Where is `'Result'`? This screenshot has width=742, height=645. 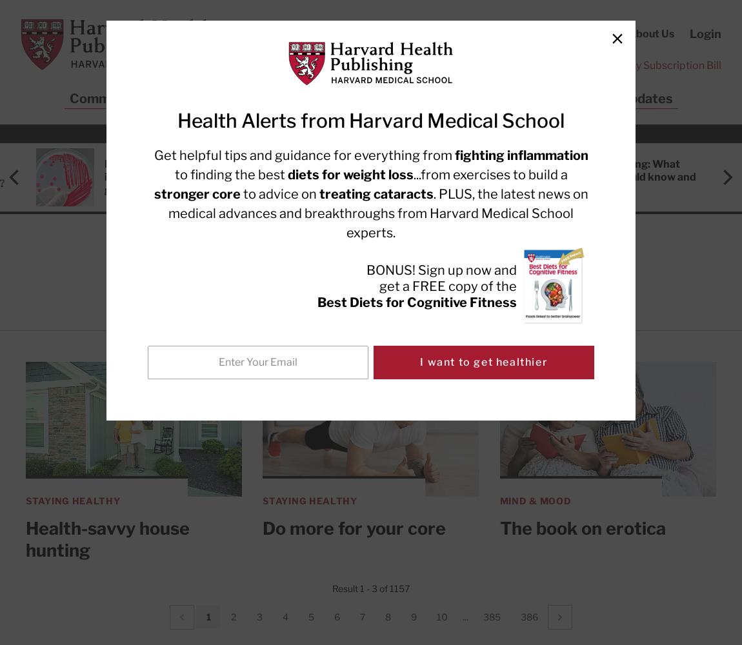
'Result' is located at coordinates (346, 588).